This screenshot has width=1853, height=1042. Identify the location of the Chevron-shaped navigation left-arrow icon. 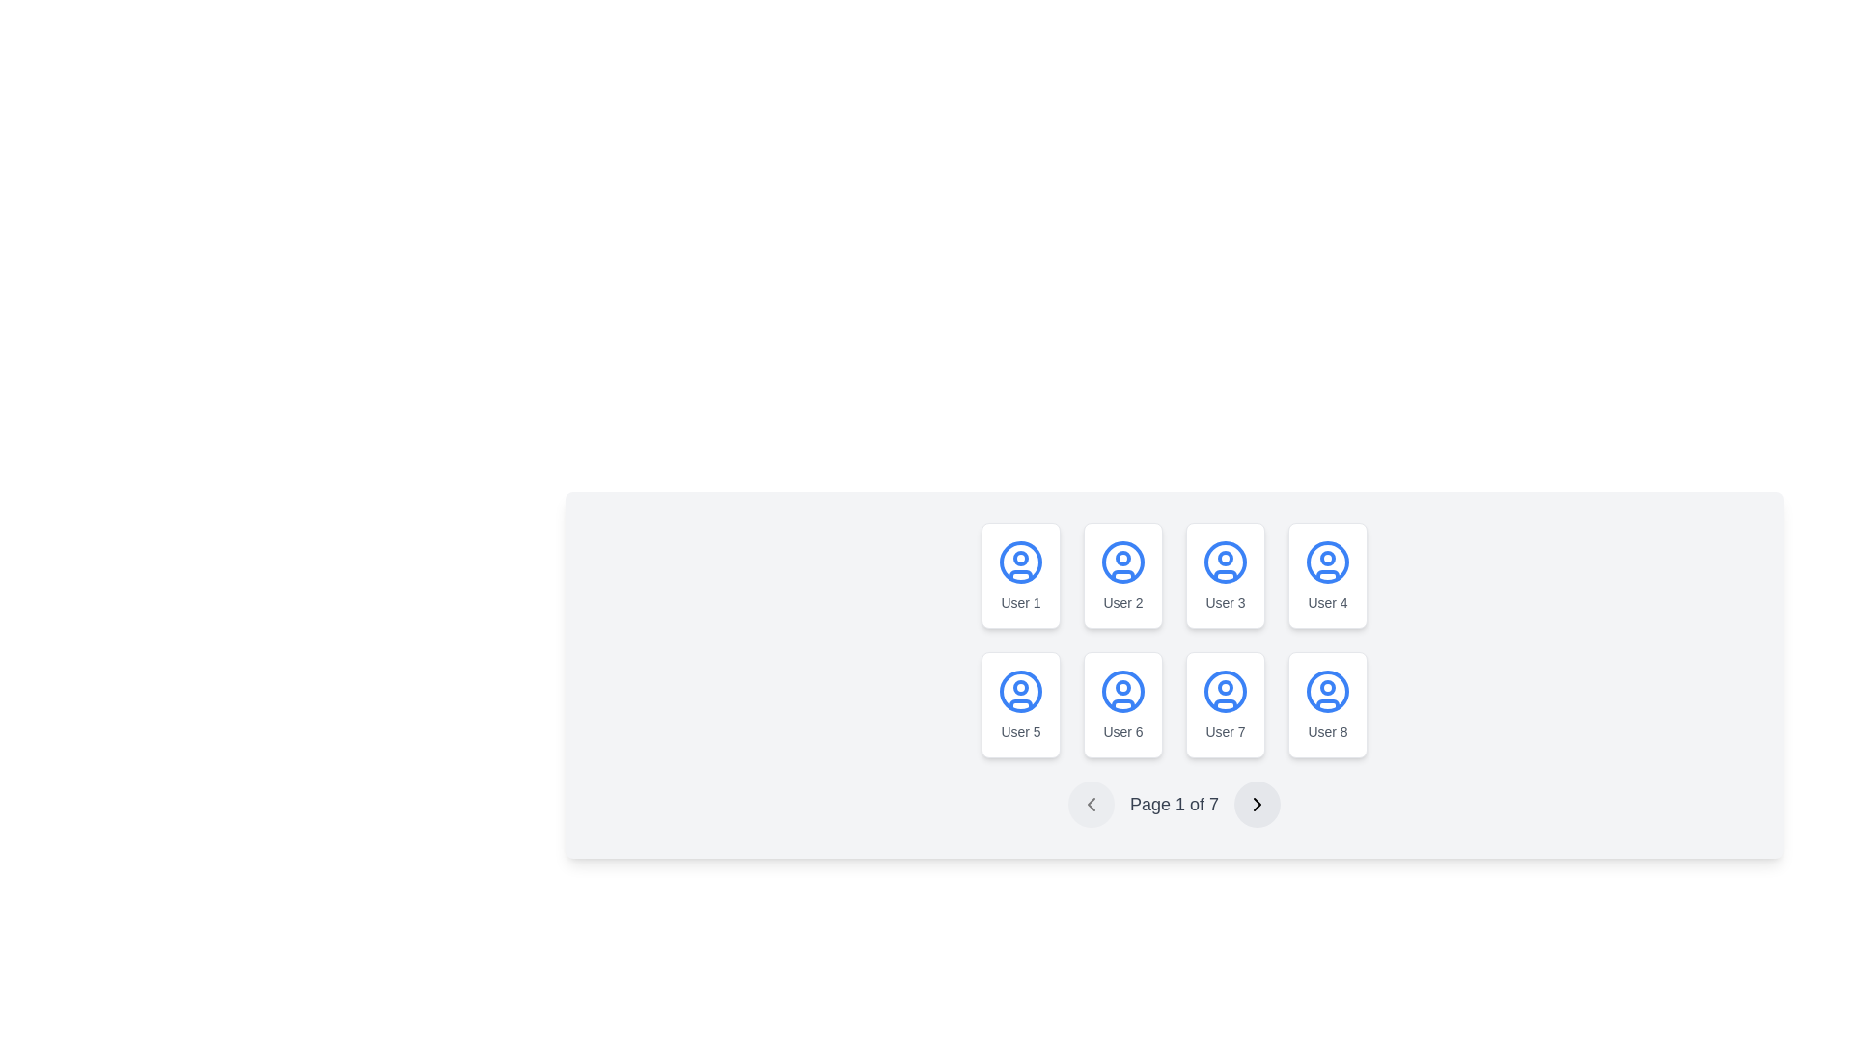
(1091, 804).